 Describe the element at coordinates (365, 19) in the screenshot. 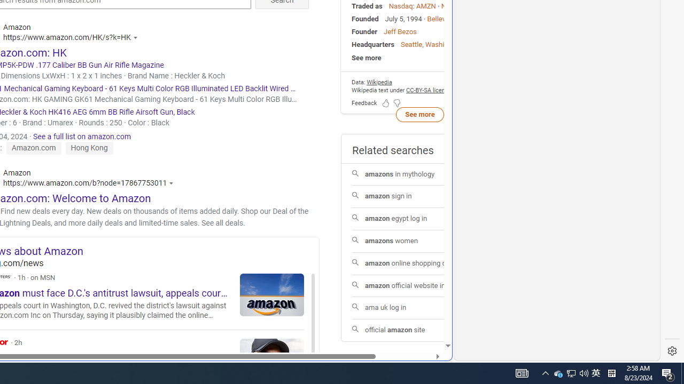

I see `'Founded'` at that location.